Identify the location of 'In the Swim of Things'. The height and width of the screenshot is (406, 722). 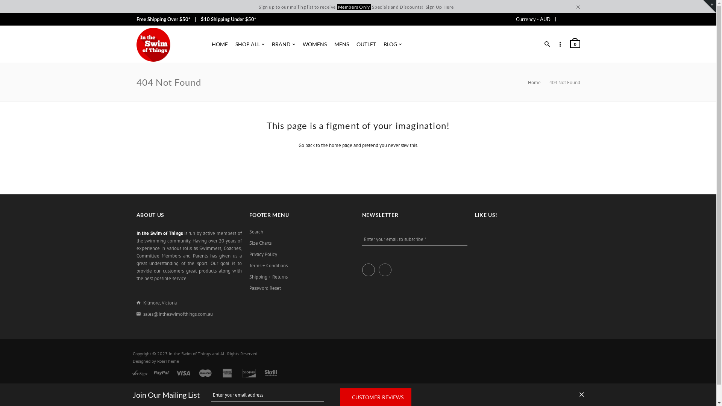
(153, 45).